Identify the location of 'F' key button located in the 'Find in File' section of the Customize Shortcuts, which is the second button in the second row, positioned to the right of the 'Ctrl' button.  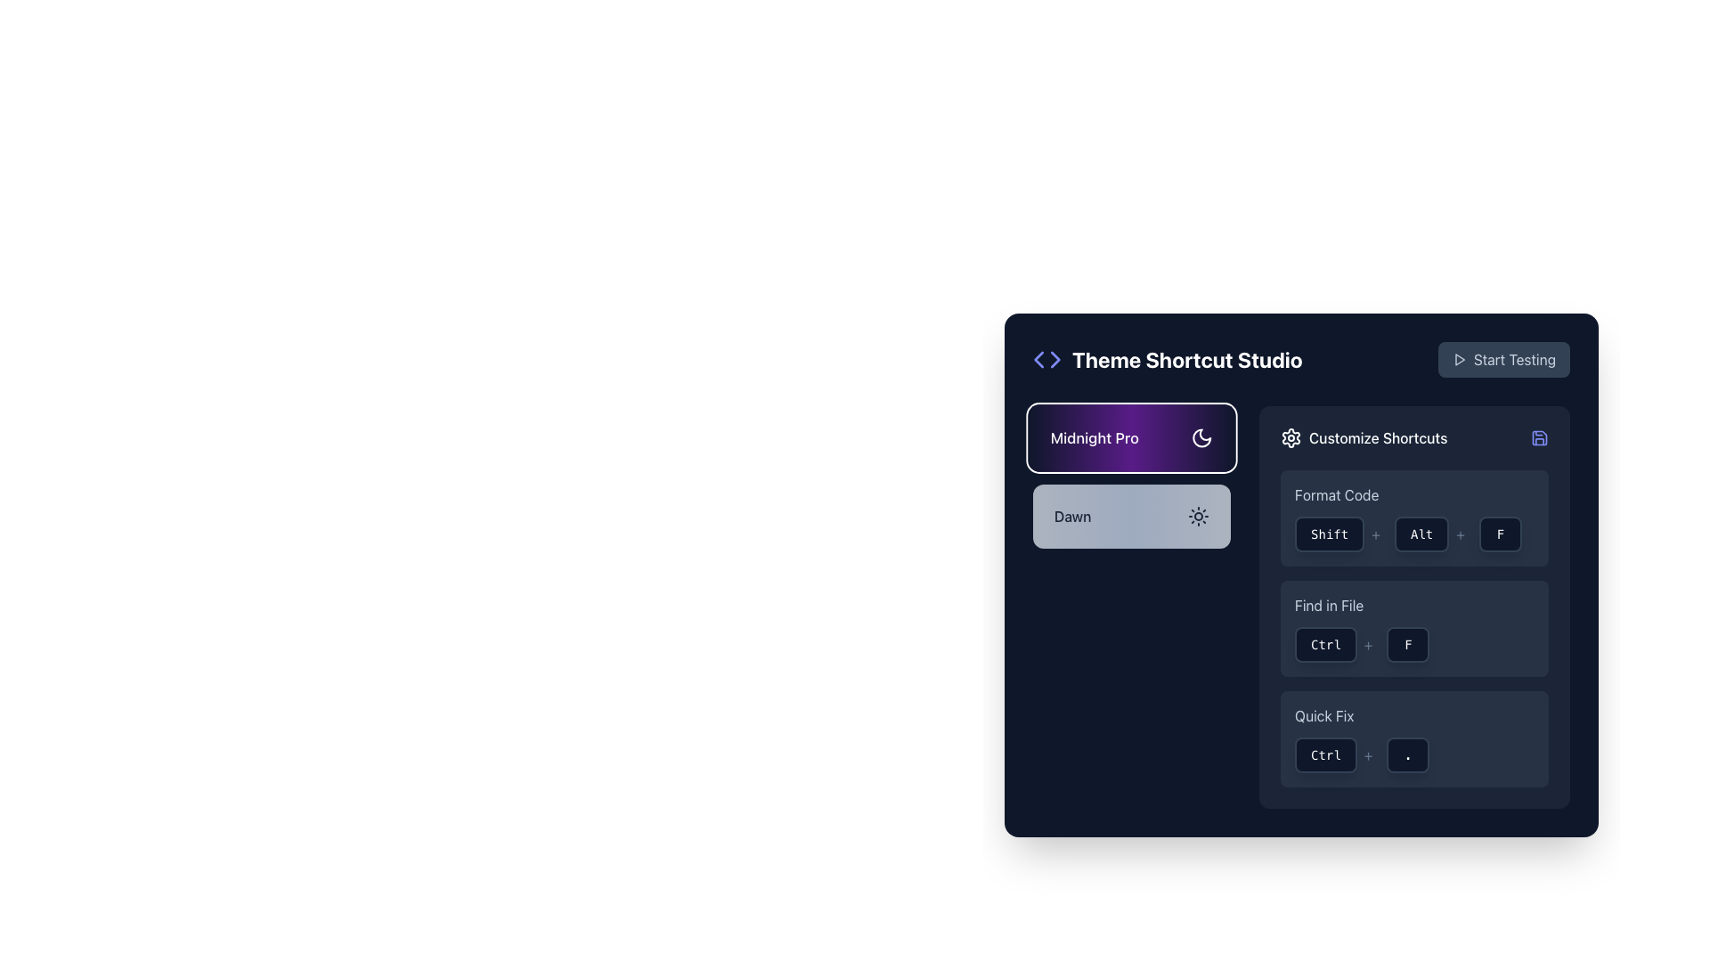
(1413, 627).